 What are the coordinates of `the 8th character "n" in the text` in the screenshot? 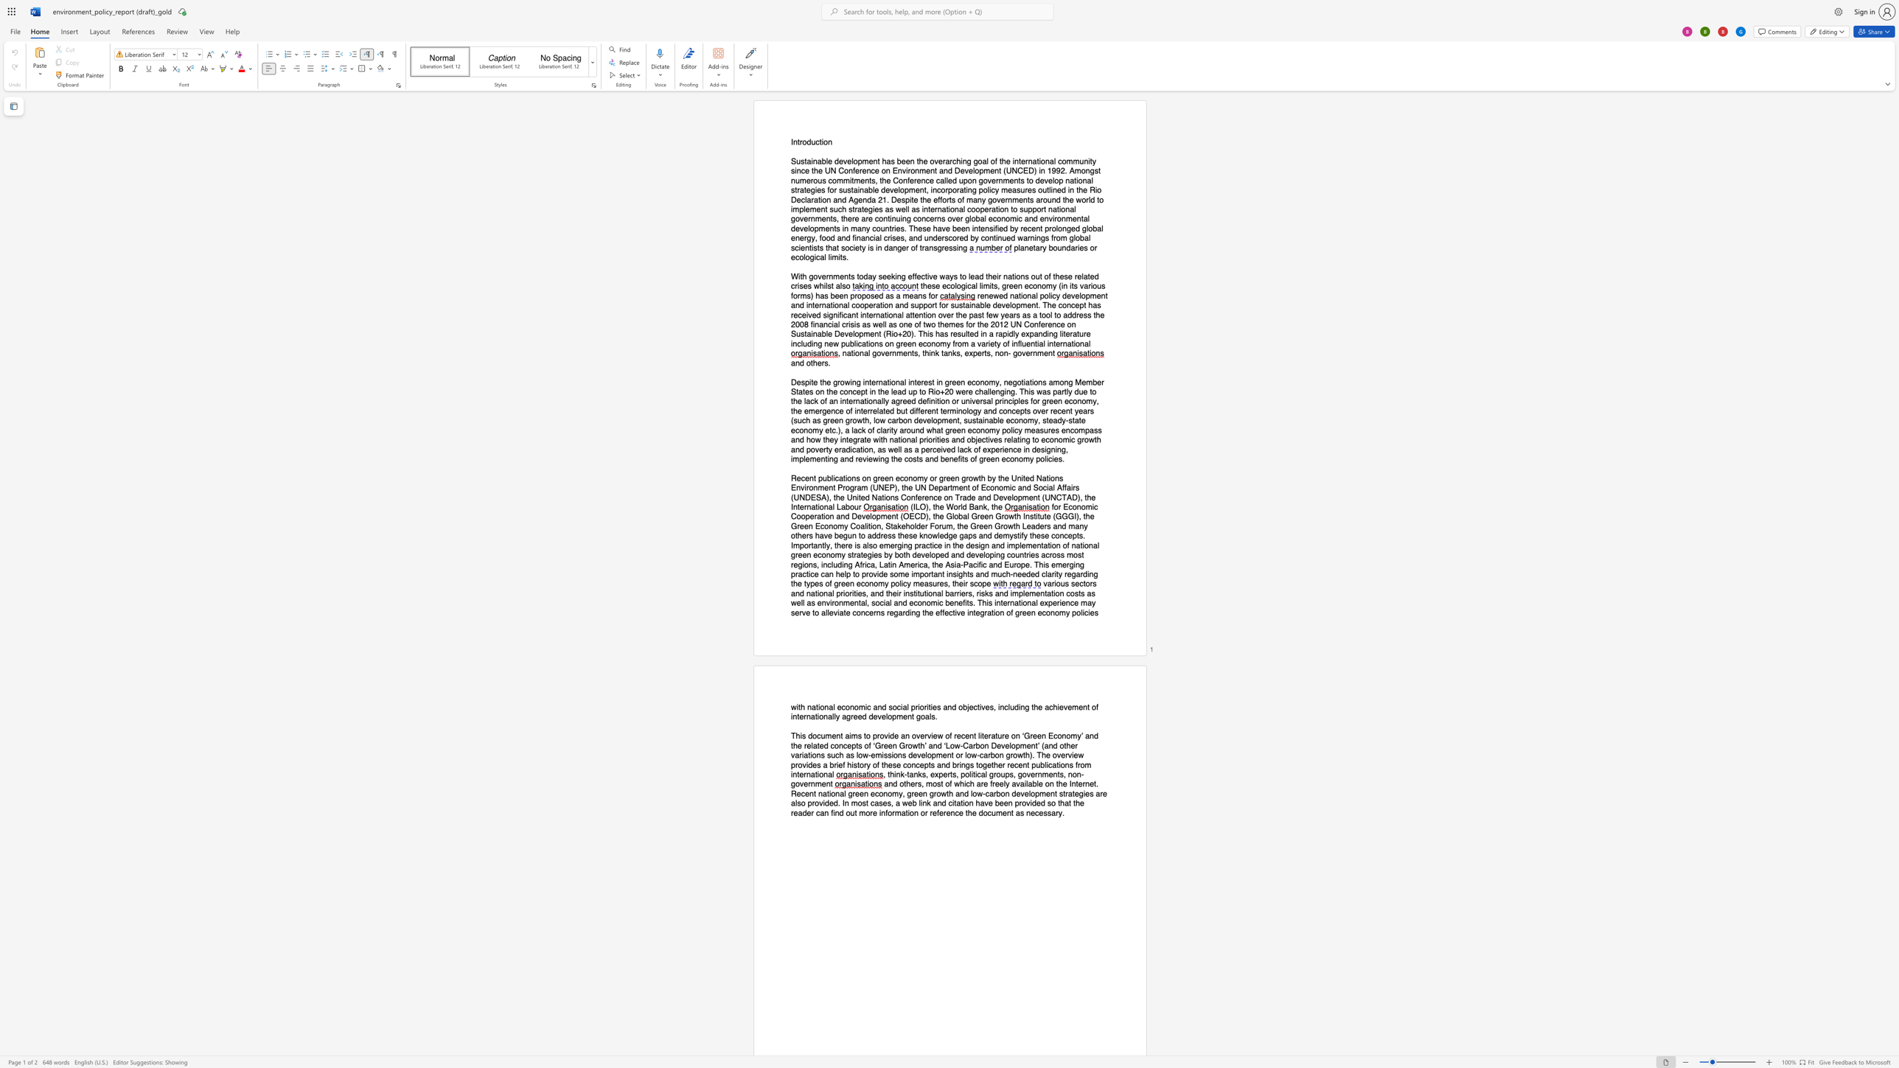 It's located at (840, 744).